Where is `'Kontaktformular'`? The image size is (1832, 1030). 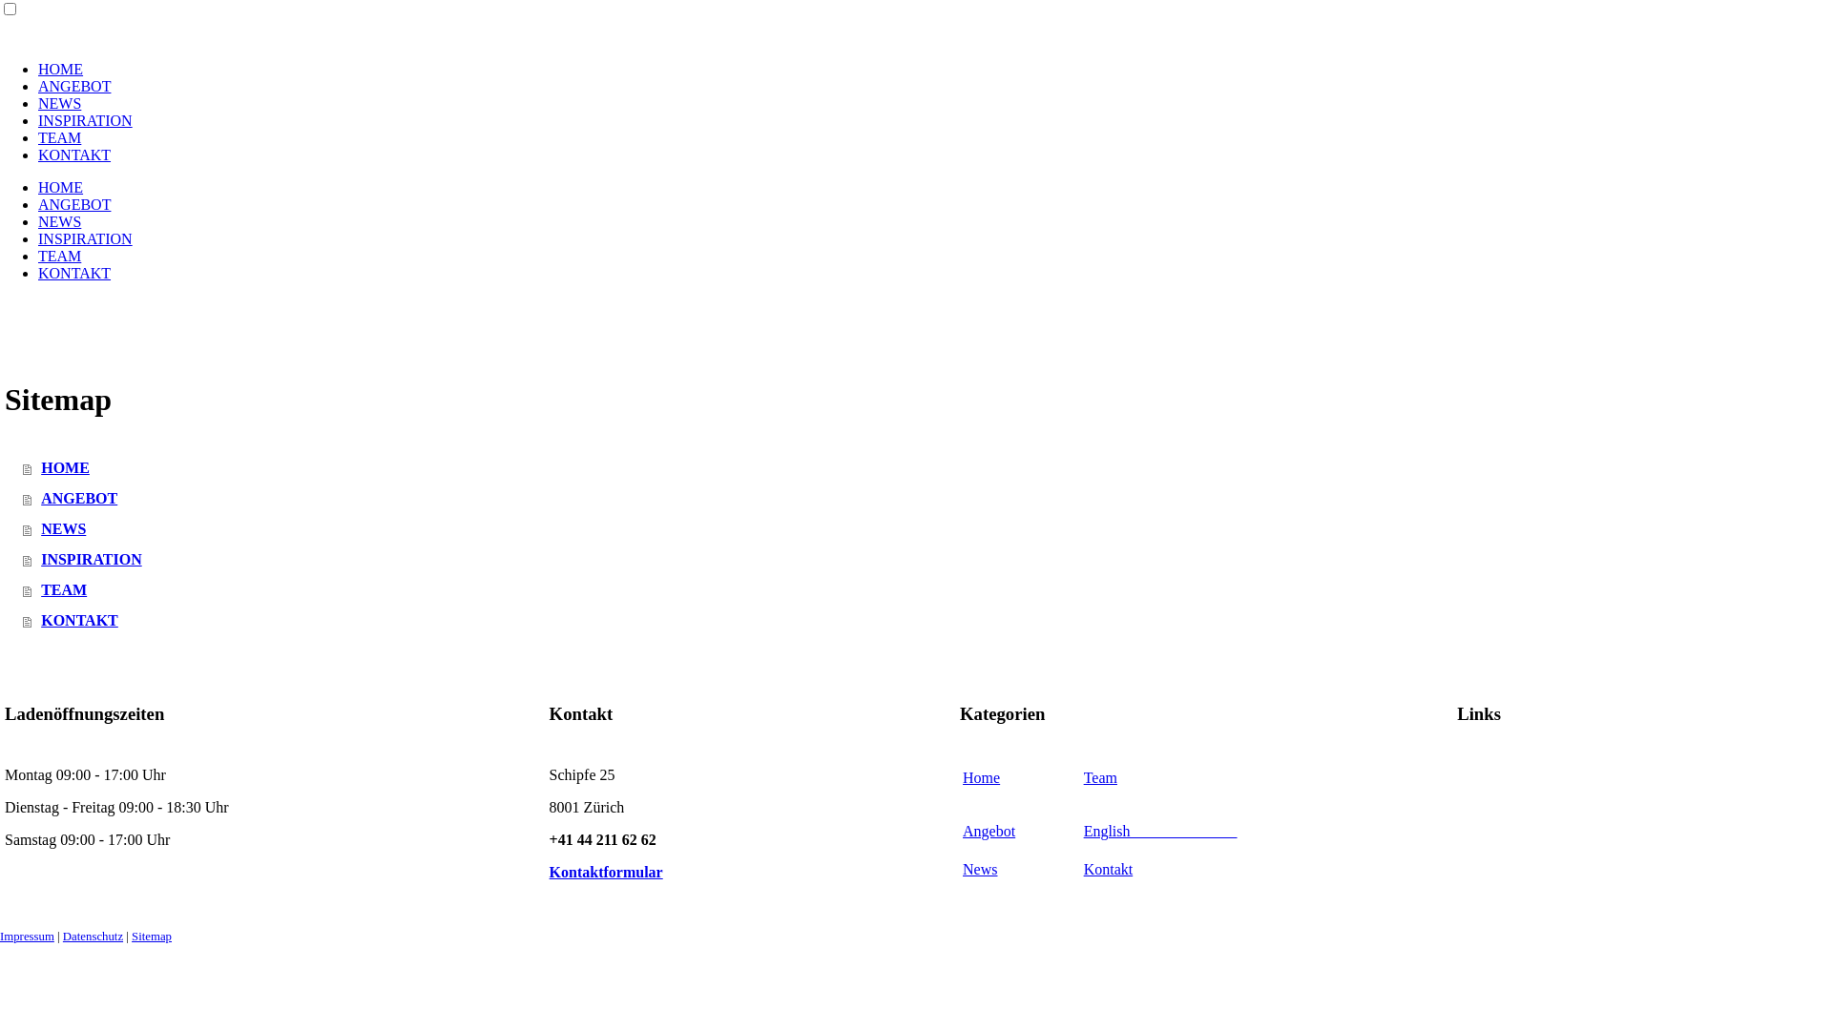
'Kontaktformular' is located at coordinates (605, 872).